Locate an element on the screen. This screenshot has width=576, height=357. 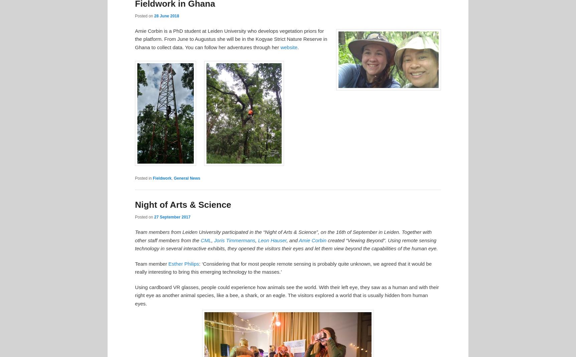
'.' is located at coordinates (298, 47).